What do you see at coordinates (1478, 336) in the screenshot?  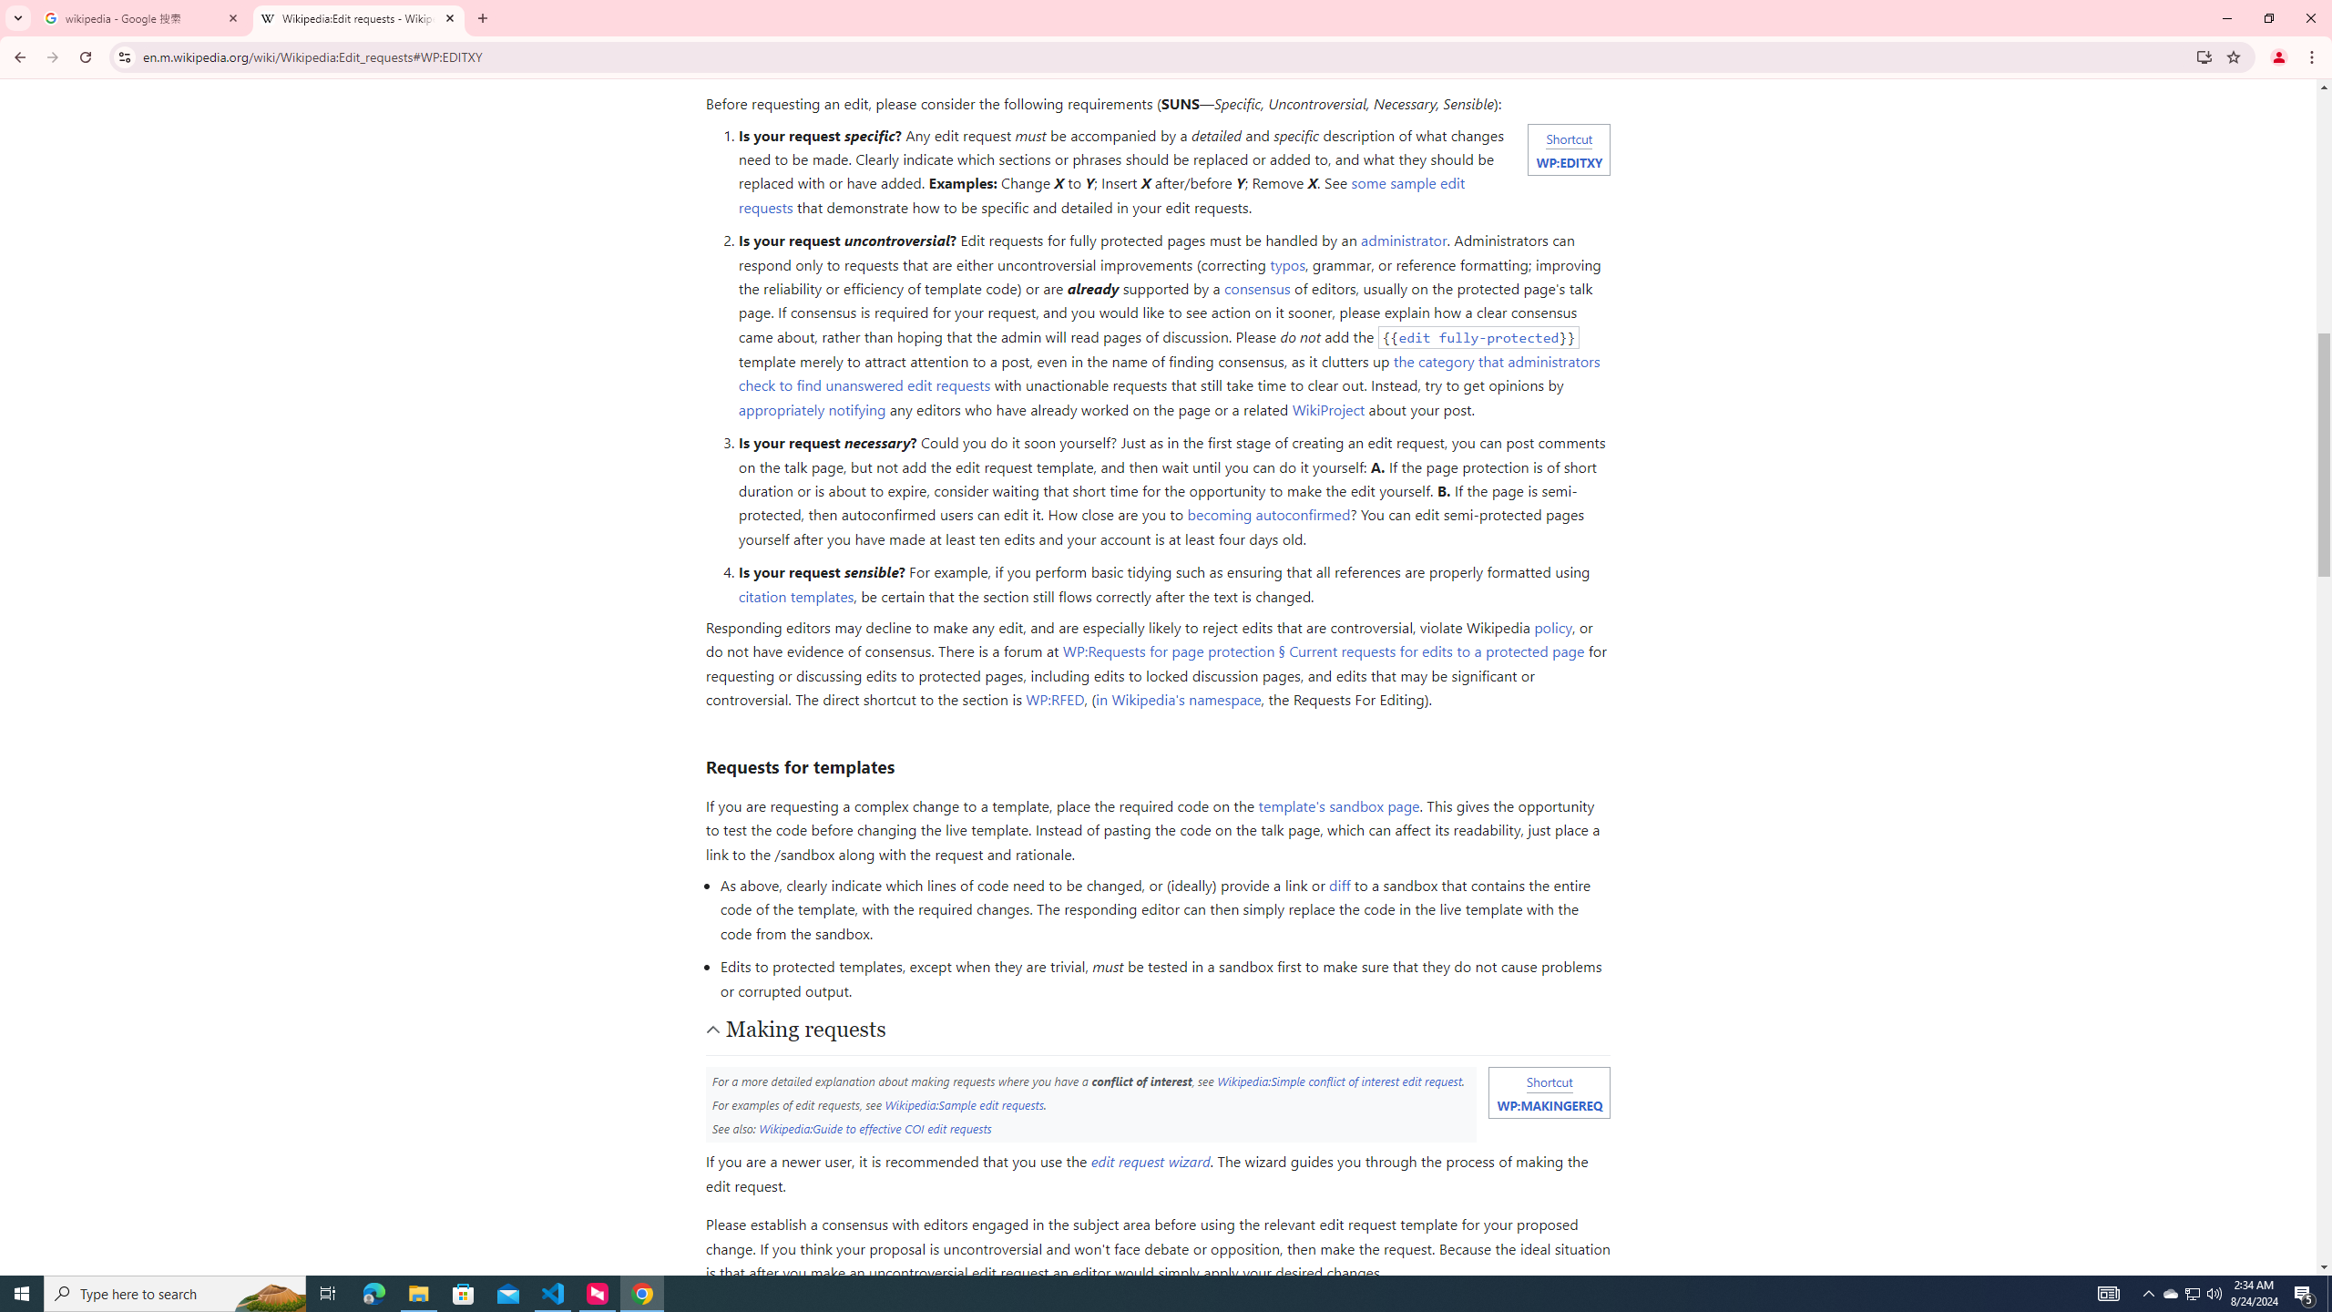 I see `'edit fully-protected'` at bounding box center [1478, 336].